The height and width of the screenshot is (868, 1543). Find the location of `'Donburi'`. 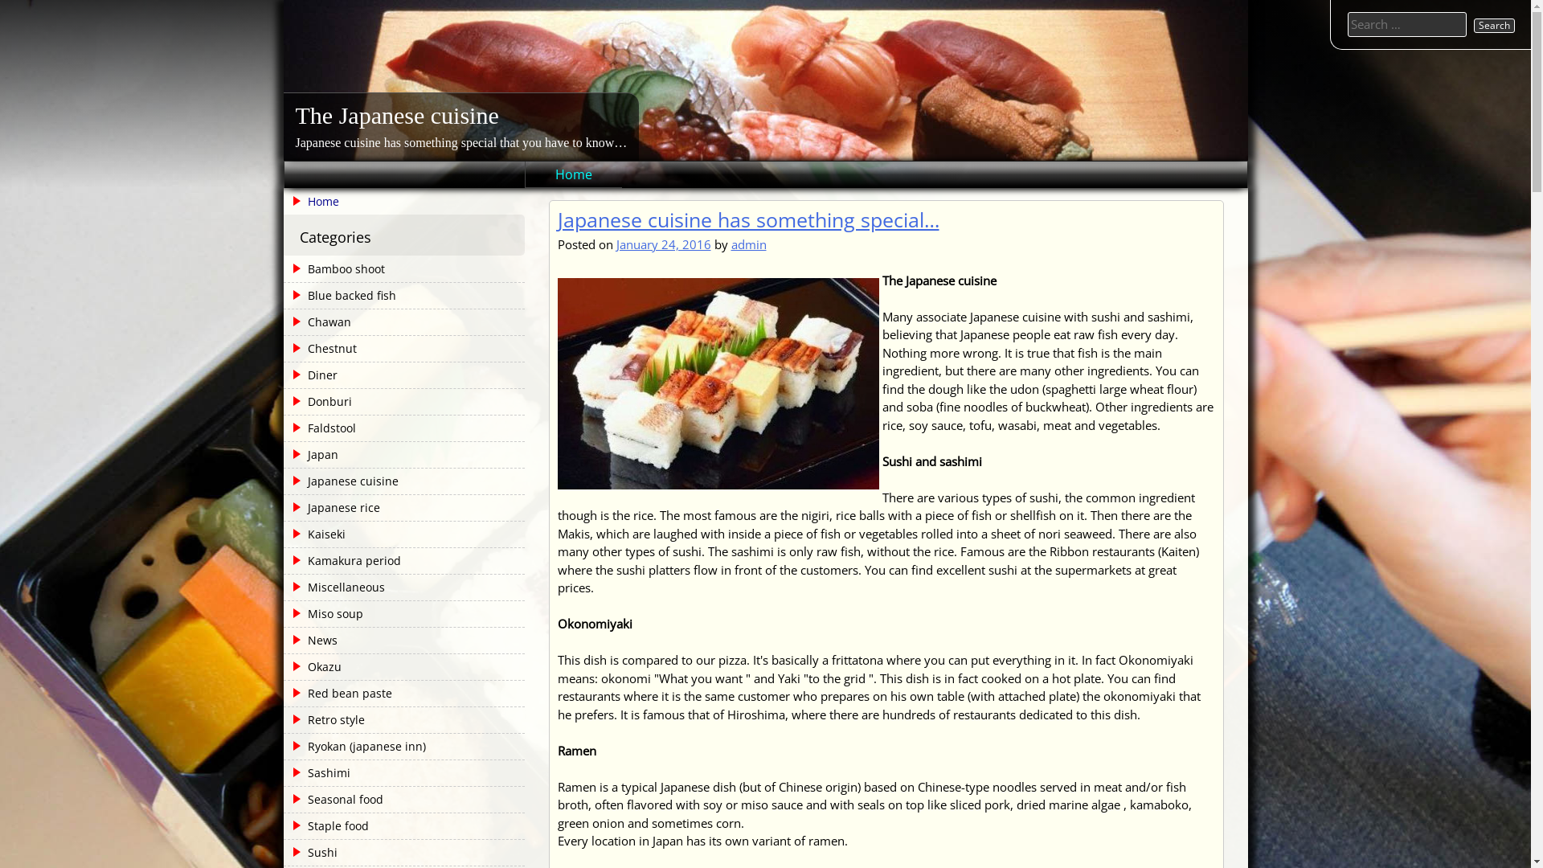

'Donburi' is located at coordinates (319, 401).